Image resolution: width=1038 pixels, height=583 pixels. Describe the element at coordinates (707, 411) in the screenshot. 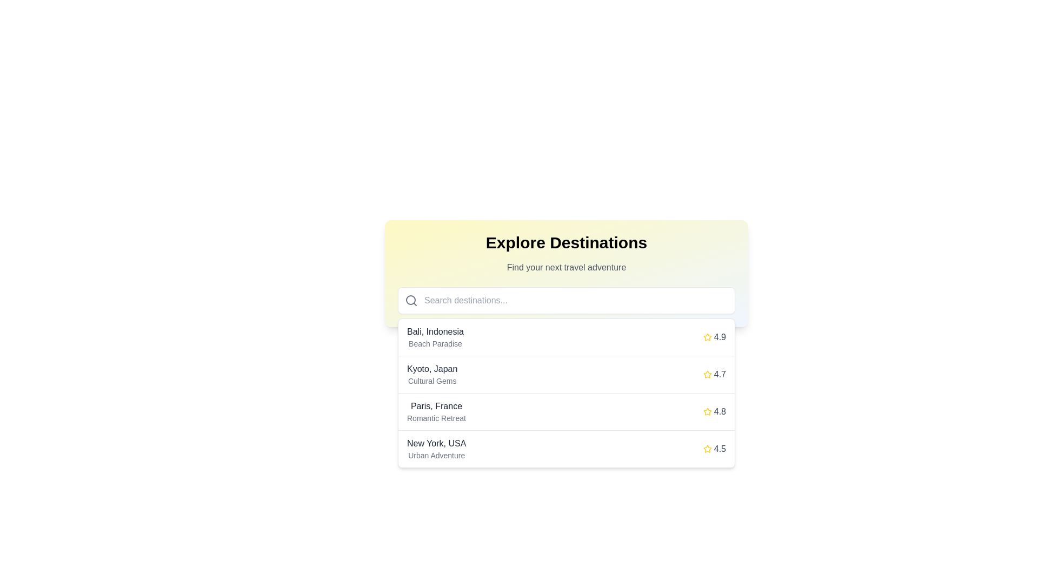

I see `the star icon indicating the rating for 'Paris, France'` at that location.